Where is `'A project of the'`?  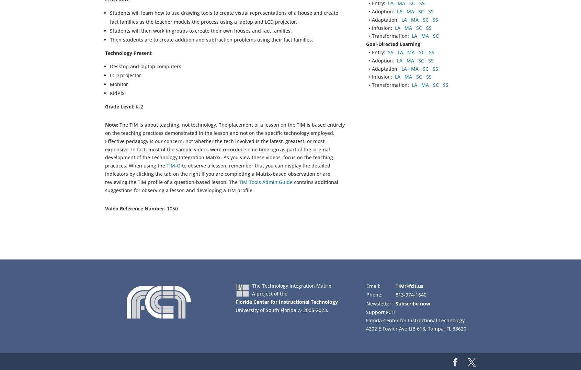
'A project of the' is located at coordinates (251, 293).